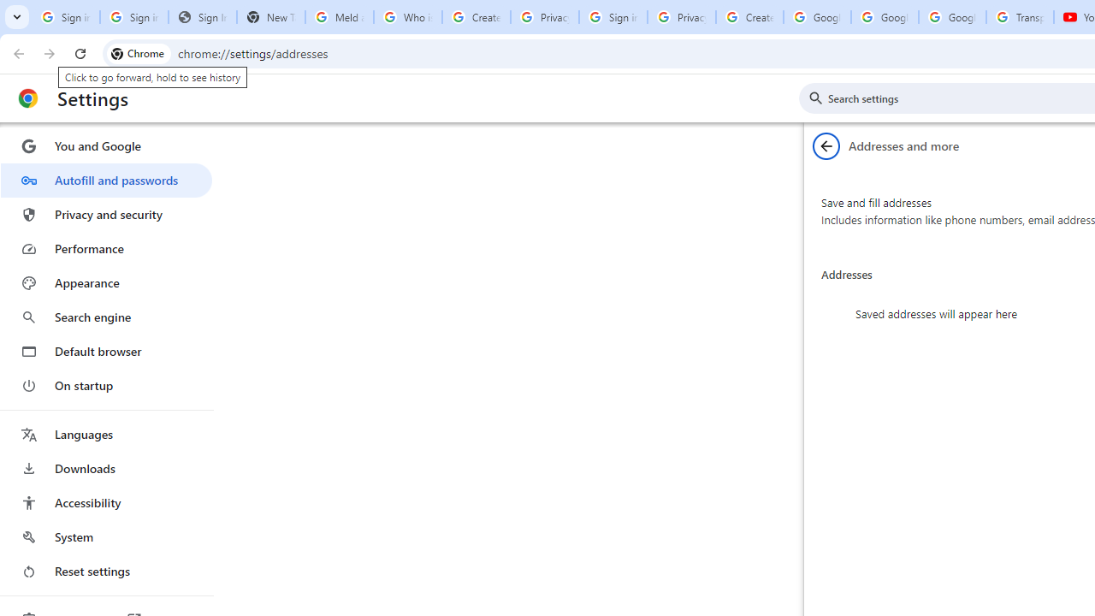  What do you see at coordinates (613, 17) in the screenshot?
I see `'Sign in - Google Accounts'` at bounding box center [613, 17].